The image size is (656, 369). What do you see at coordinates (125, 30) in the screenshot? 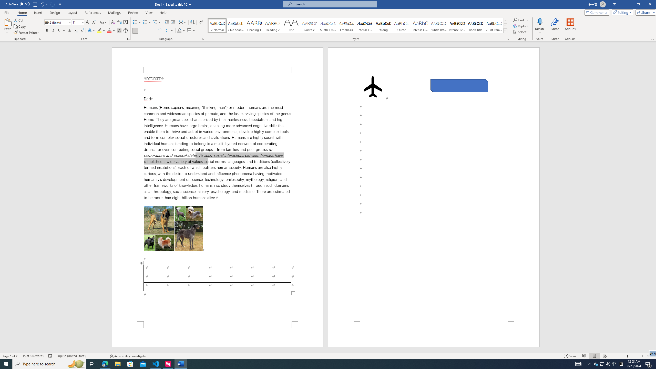
I see `'Enclose Characters...'` at bounding box center [125, 30].